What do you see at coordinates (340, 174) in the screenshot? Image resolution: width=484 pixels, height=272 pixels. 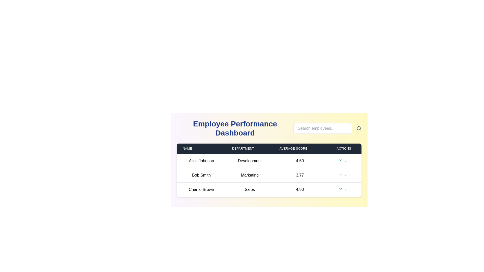 I see `the Chevron Down Icon above the second row for 'Bob Smith' in the 'Actions' column` at bounding box center [340, 174].